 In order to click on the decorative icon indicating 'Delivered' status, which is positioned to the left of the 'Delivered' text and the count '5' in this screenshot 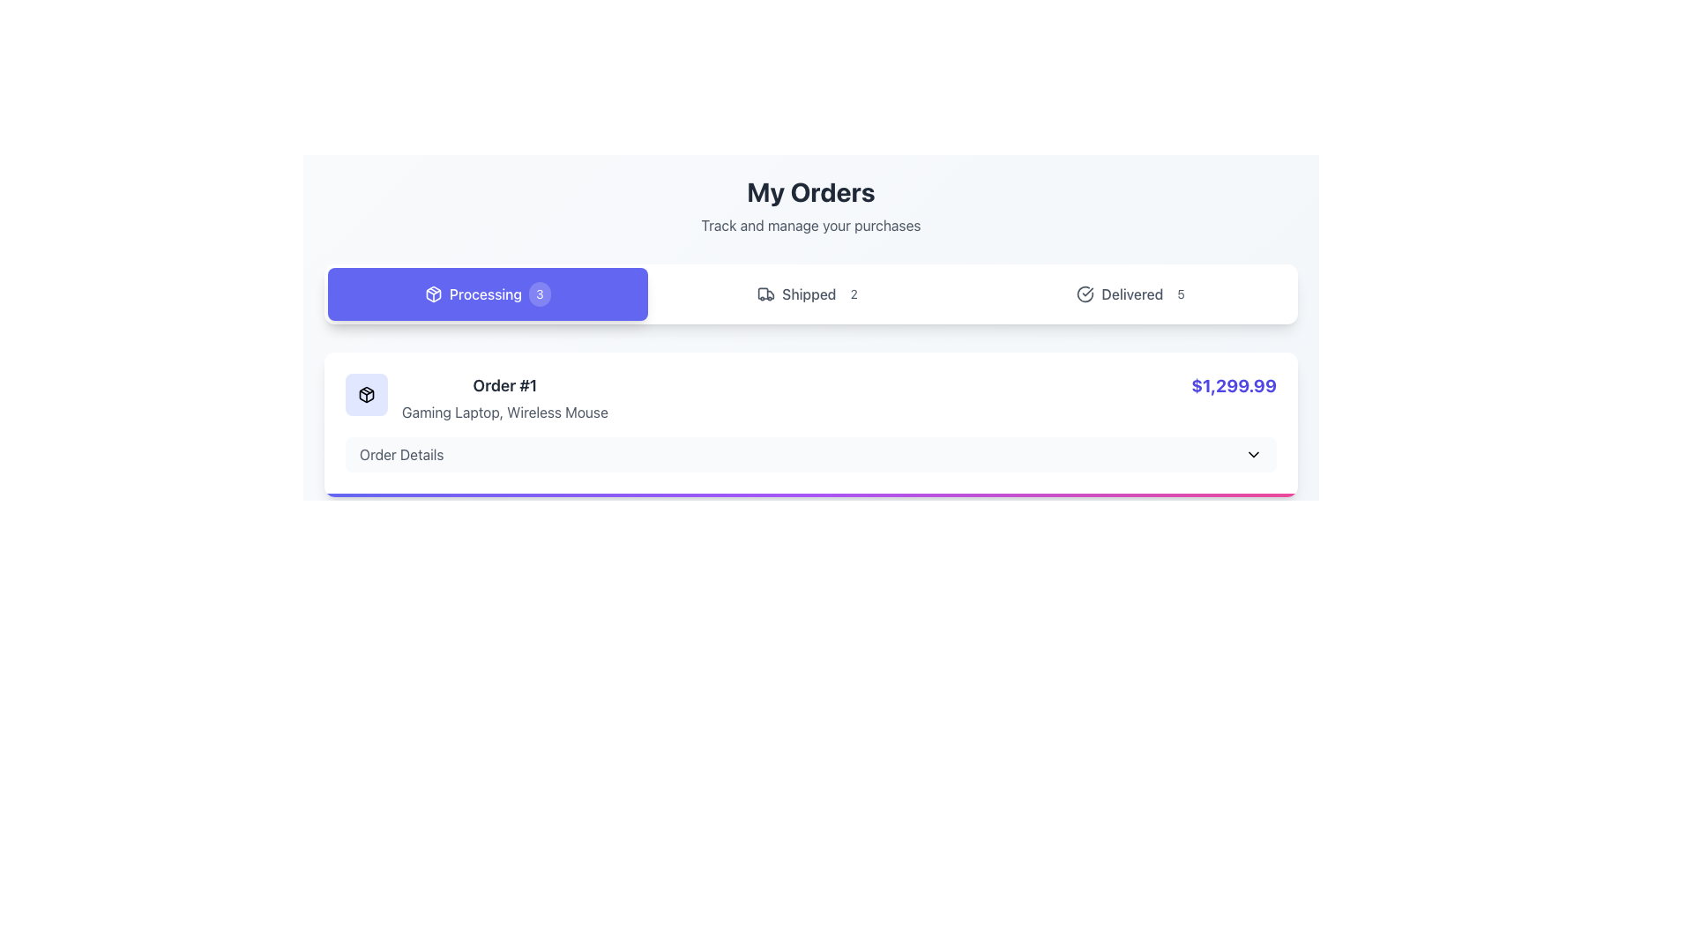, I will do `click(1085, 294)`.